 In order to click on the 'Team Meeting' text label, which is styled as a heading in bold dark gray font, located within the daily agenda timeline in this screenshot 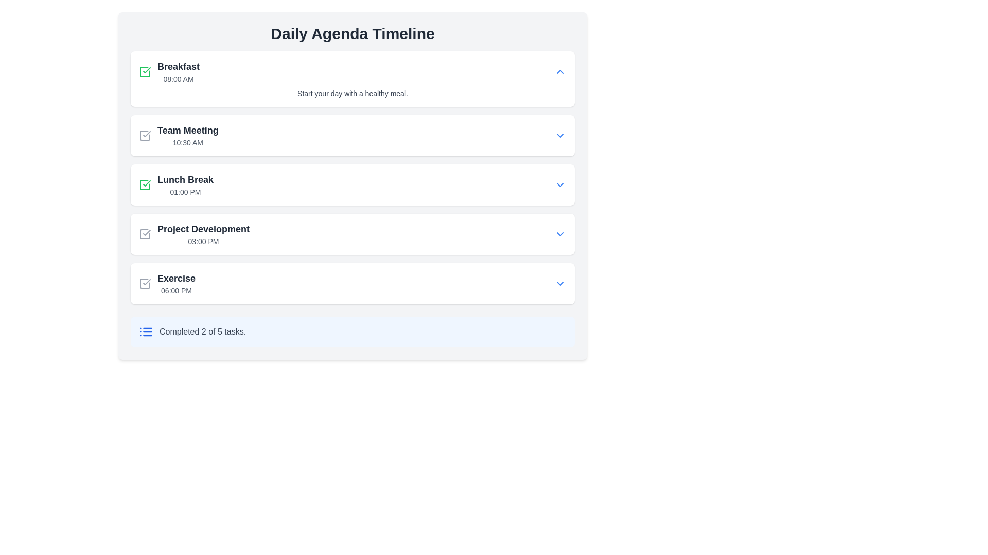, I will do `click(188, 130)`.